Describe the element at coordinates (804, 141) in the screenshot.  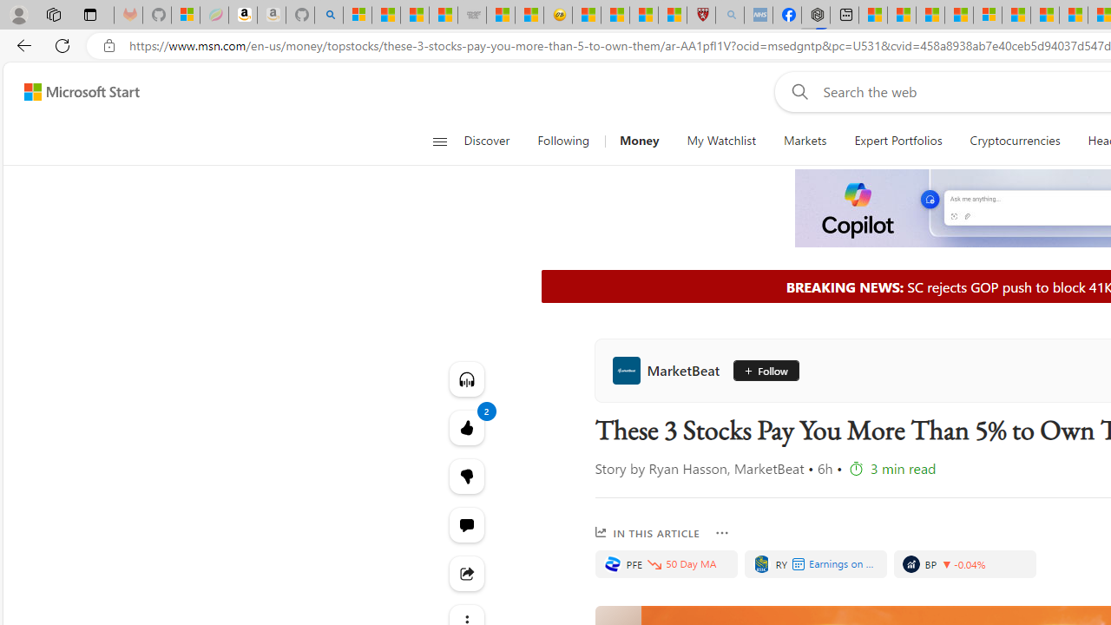
I see `'Markets'` at that location.